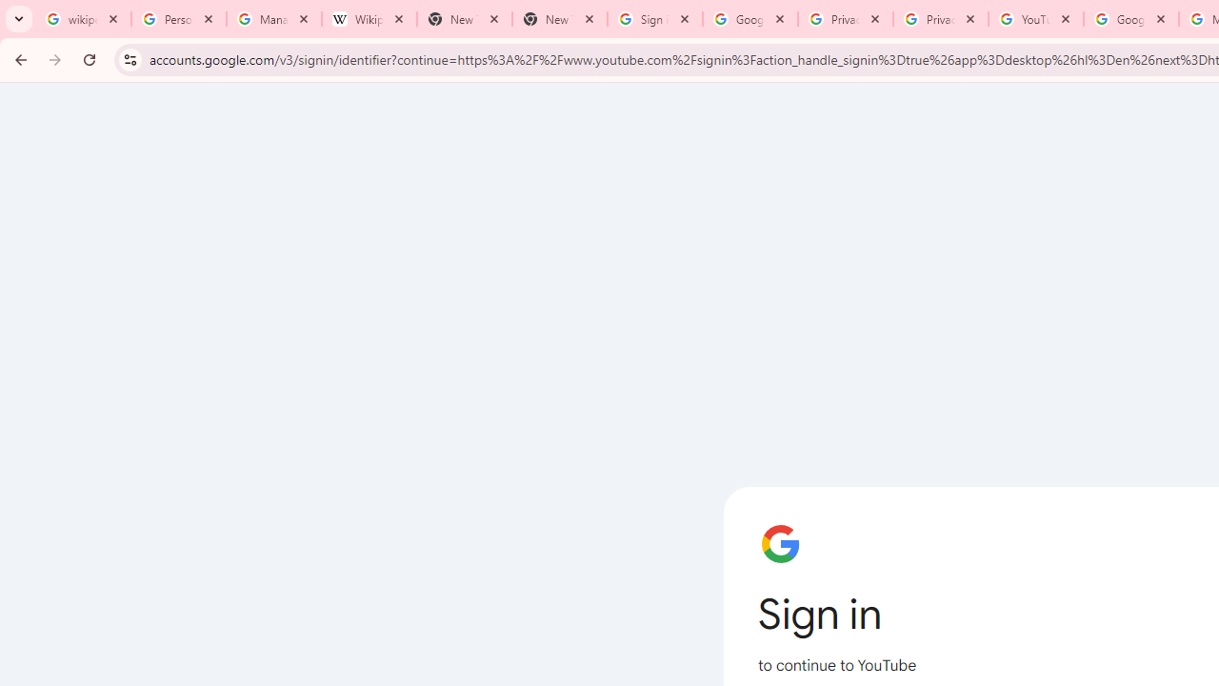 The width and height of the screenshot is (1219, 686). What do you see at coordinates (179, 19) in the screenshot?
I see `'Personalization & Google Search results - Google Search Help'` at bounding box center [179, 19].